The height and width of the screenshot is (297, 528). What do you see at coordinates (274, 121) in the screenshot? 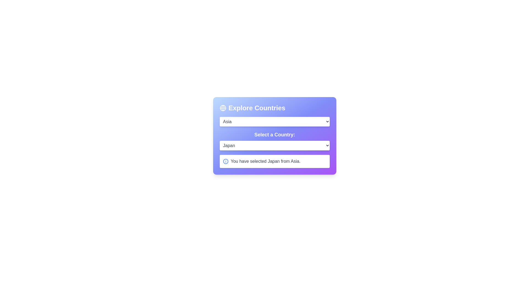
I see `the continent Africa from the dropdown menu` at bounding box center [274, 121].